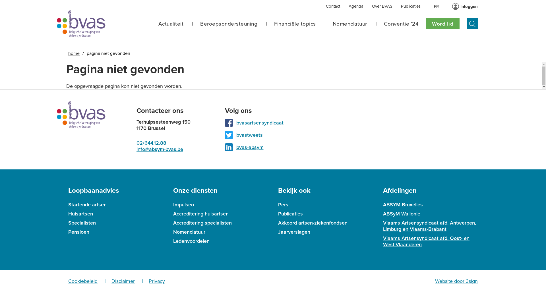 This screenshot has width=546, height=307. I want to click on 'home', so click(73, 53).